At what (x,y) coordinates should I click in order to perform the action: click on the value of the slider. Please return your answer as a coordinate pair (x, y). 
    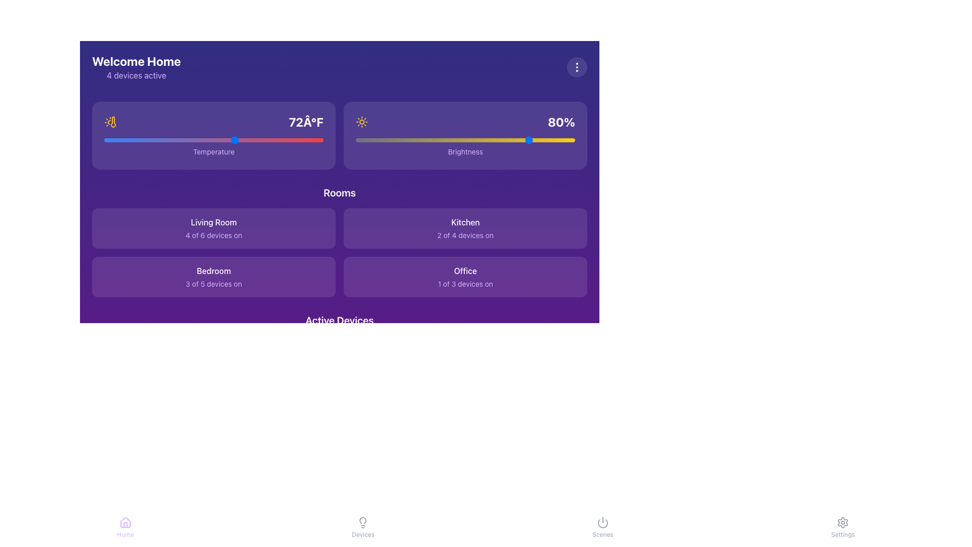
    Looking at the image, I should click on (279, 140).